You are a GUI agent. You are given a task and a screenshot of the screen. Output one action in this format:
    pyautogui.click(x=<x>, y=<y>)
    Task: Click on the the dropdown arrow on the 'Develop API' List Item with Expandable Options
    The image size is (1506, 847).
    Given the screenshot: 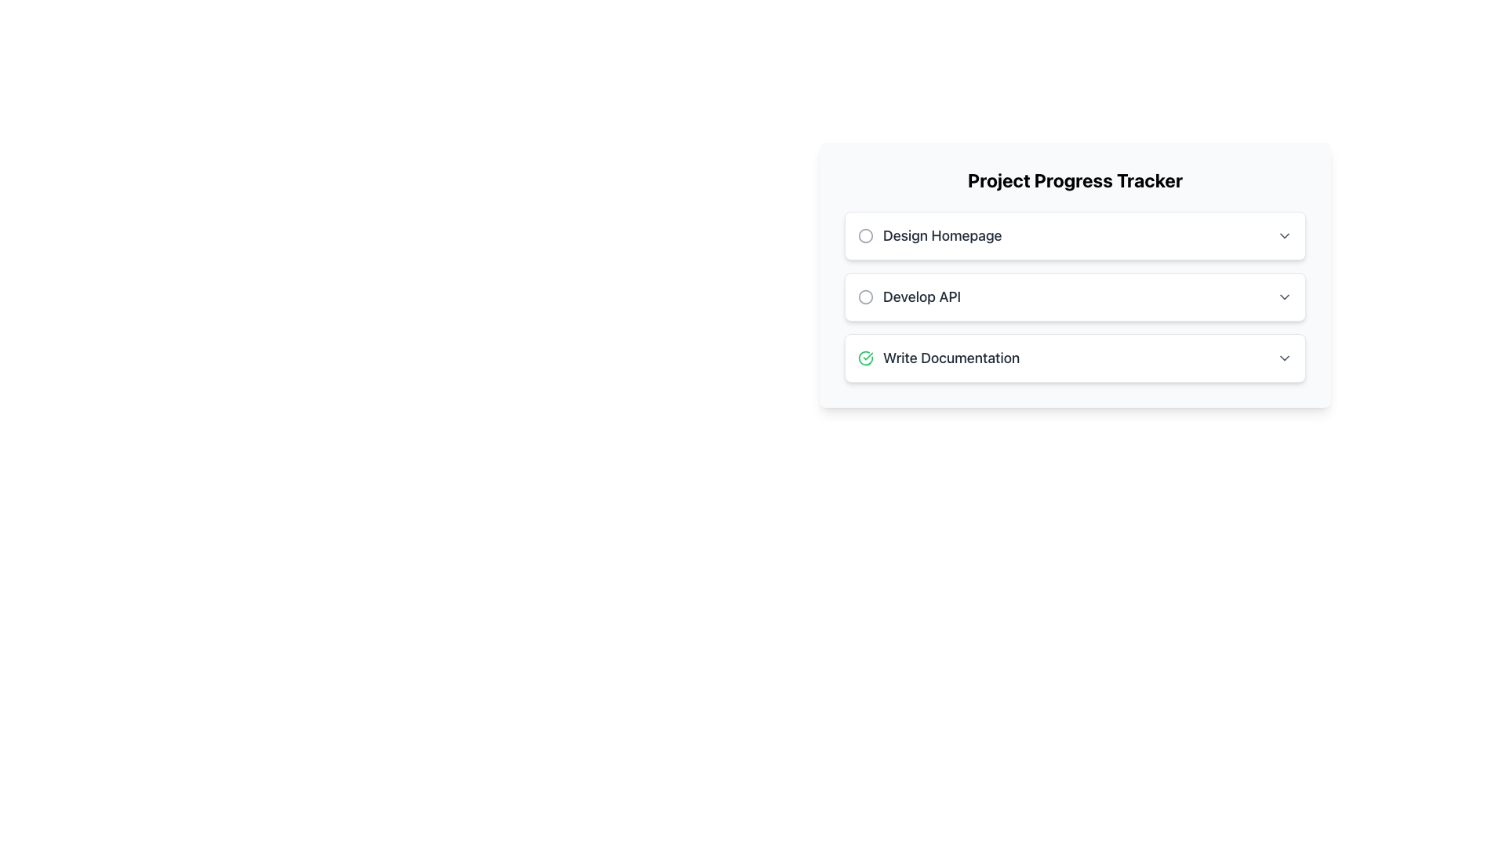 What is the action you would take?
    pyautogui.click(x=1075, y=296)
    